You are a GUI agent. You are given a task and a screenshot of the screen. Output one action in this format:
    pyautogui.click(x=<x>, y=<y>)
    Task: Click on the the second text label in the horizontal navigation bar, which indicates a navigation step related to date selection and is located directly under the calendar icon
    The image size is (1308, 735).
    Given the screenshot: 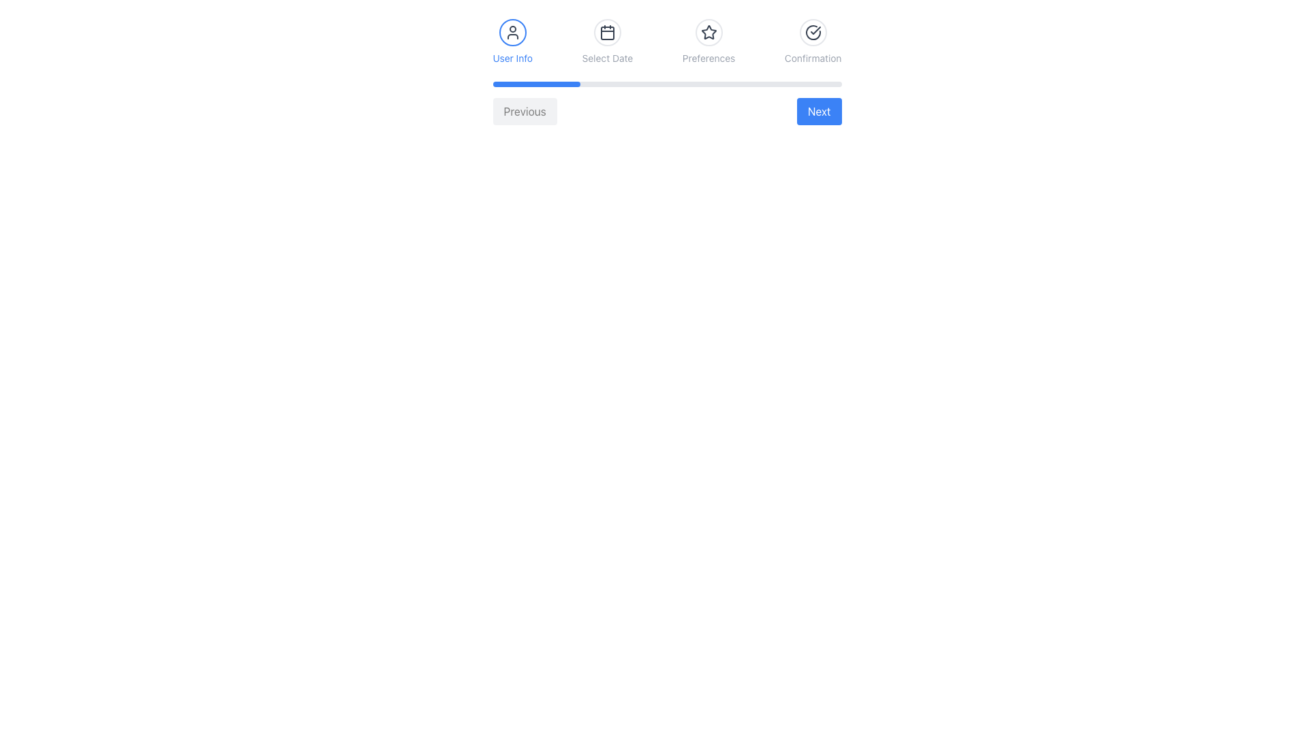 What is the action you would take?
    pyautogui.click(x=606, y=57)
    